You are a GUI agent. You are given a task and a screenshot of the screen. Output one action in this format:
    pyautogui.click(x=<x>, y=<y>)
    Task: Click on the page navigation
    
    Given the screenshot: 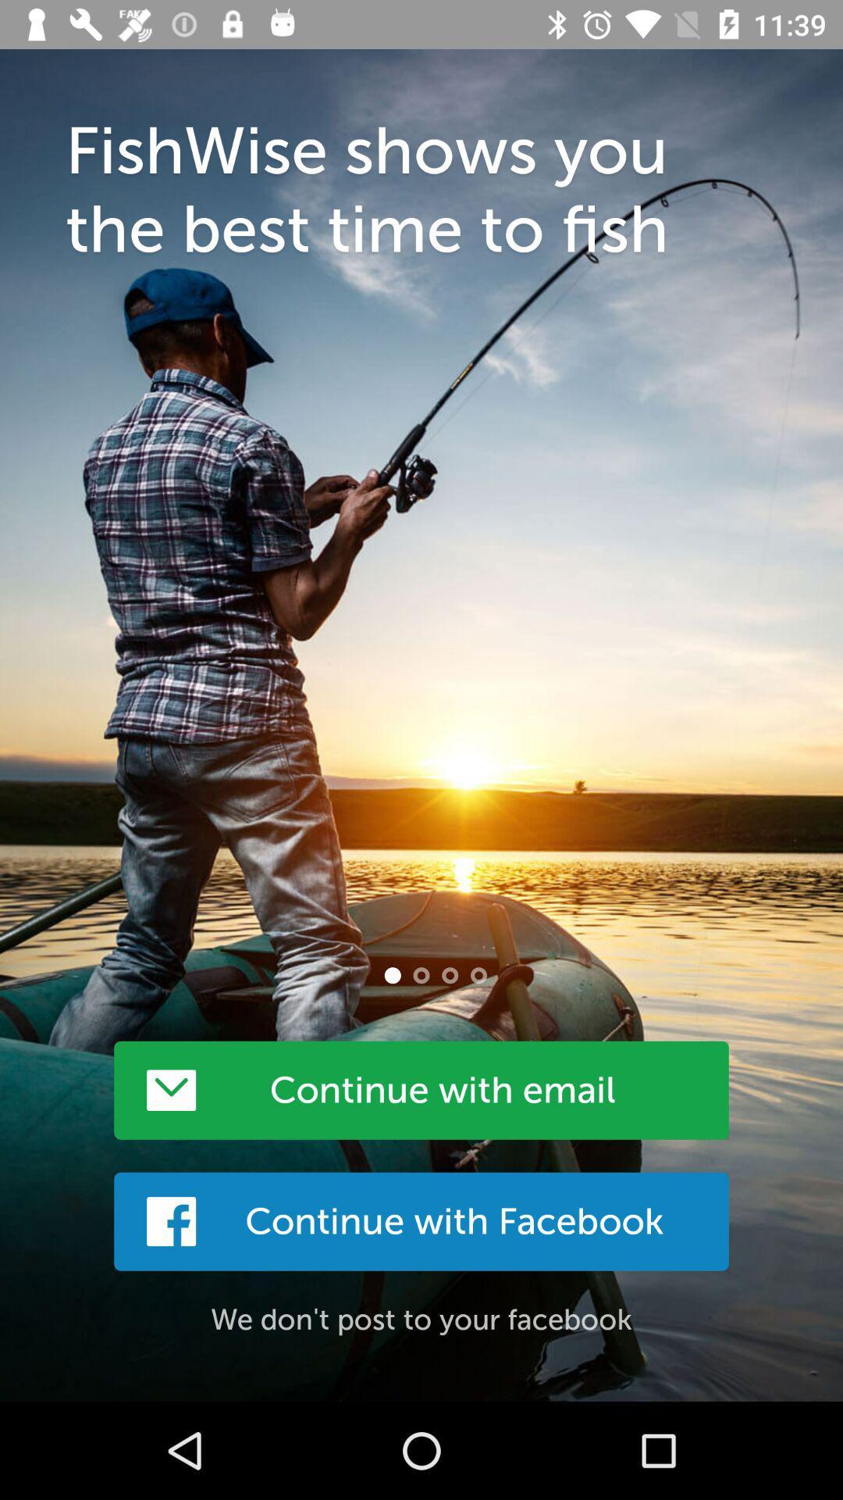 What is the action you would take?
    pyautogui.click(x=478, y=974)
    